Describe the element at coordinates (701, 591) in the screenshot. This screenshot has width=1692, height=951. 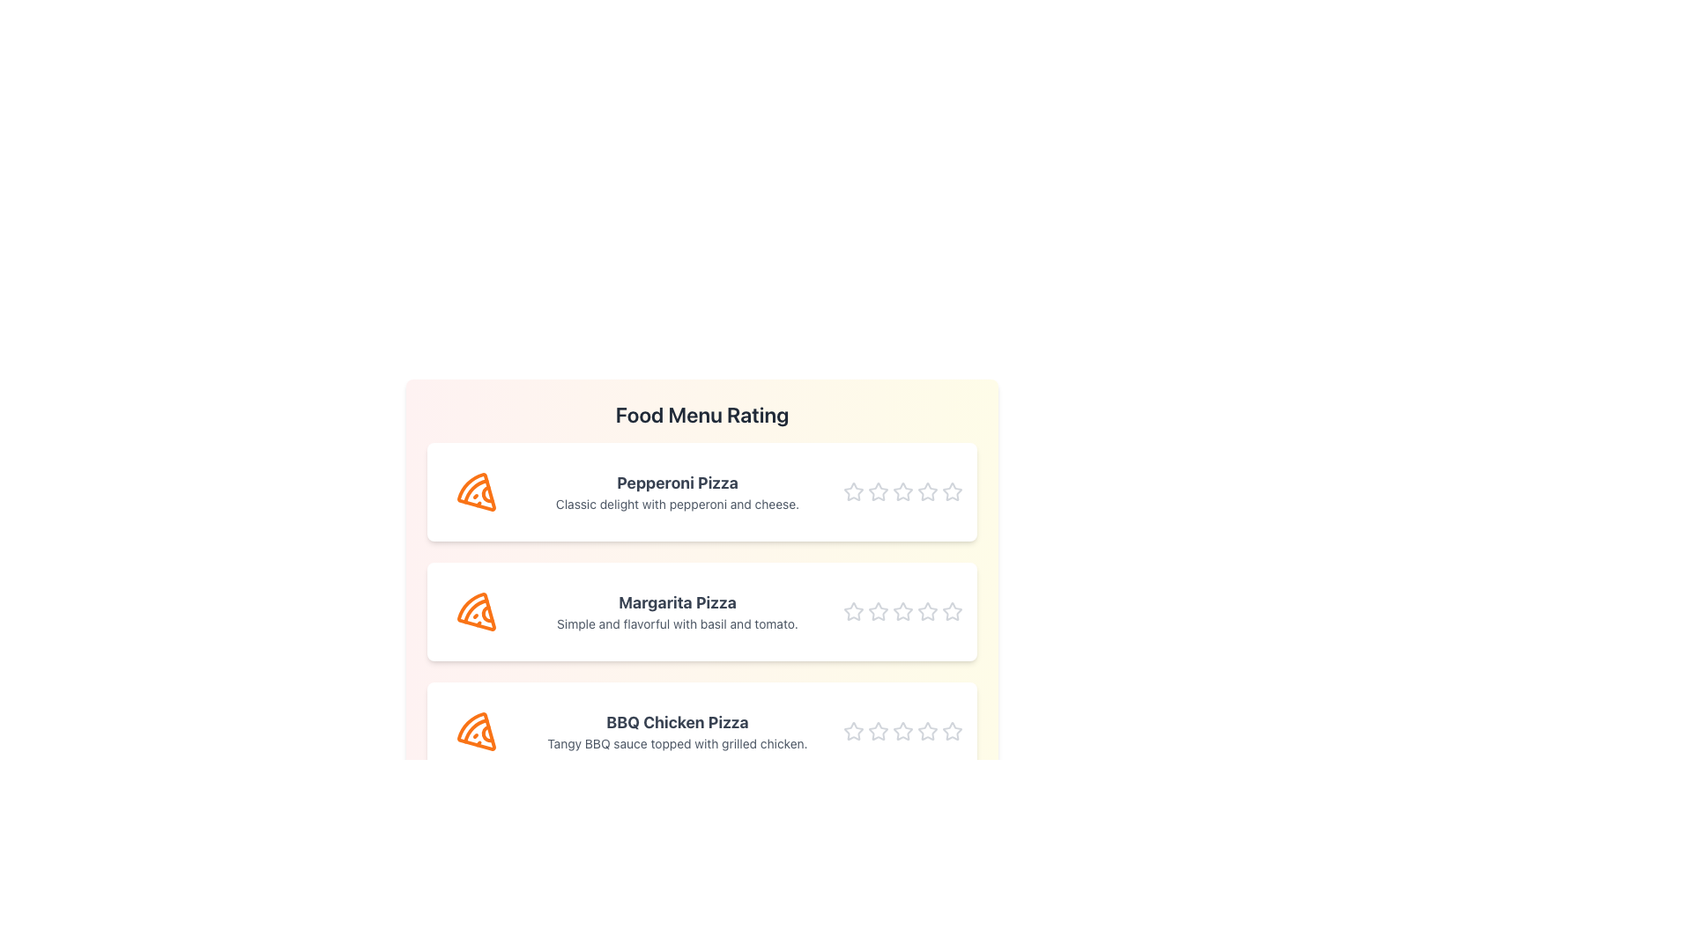
I see `the title and description of the Margarita Pizza, the second entry in the Food Menu Rating list, which includes an interactive star rating system` at that location.